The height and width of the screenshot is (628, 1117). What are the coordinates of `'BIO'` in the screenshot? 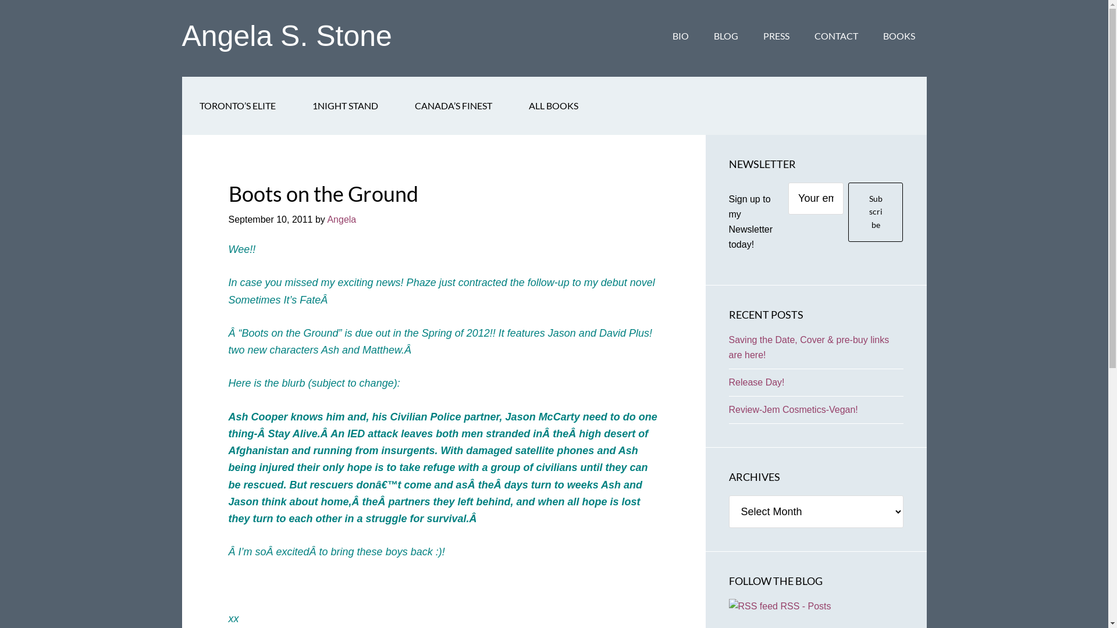 It's located at (681, 35).